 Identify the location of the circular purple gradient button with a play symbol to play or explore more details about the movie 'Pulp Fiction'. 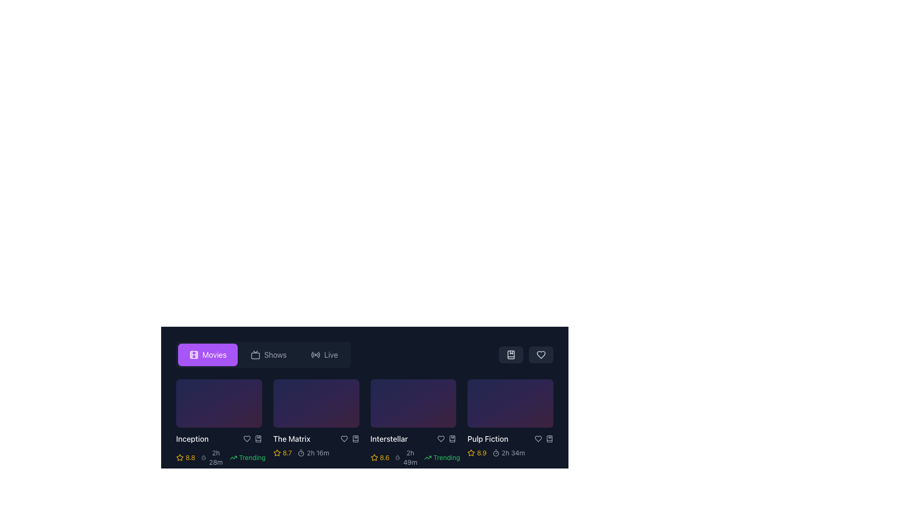
(510, 423).